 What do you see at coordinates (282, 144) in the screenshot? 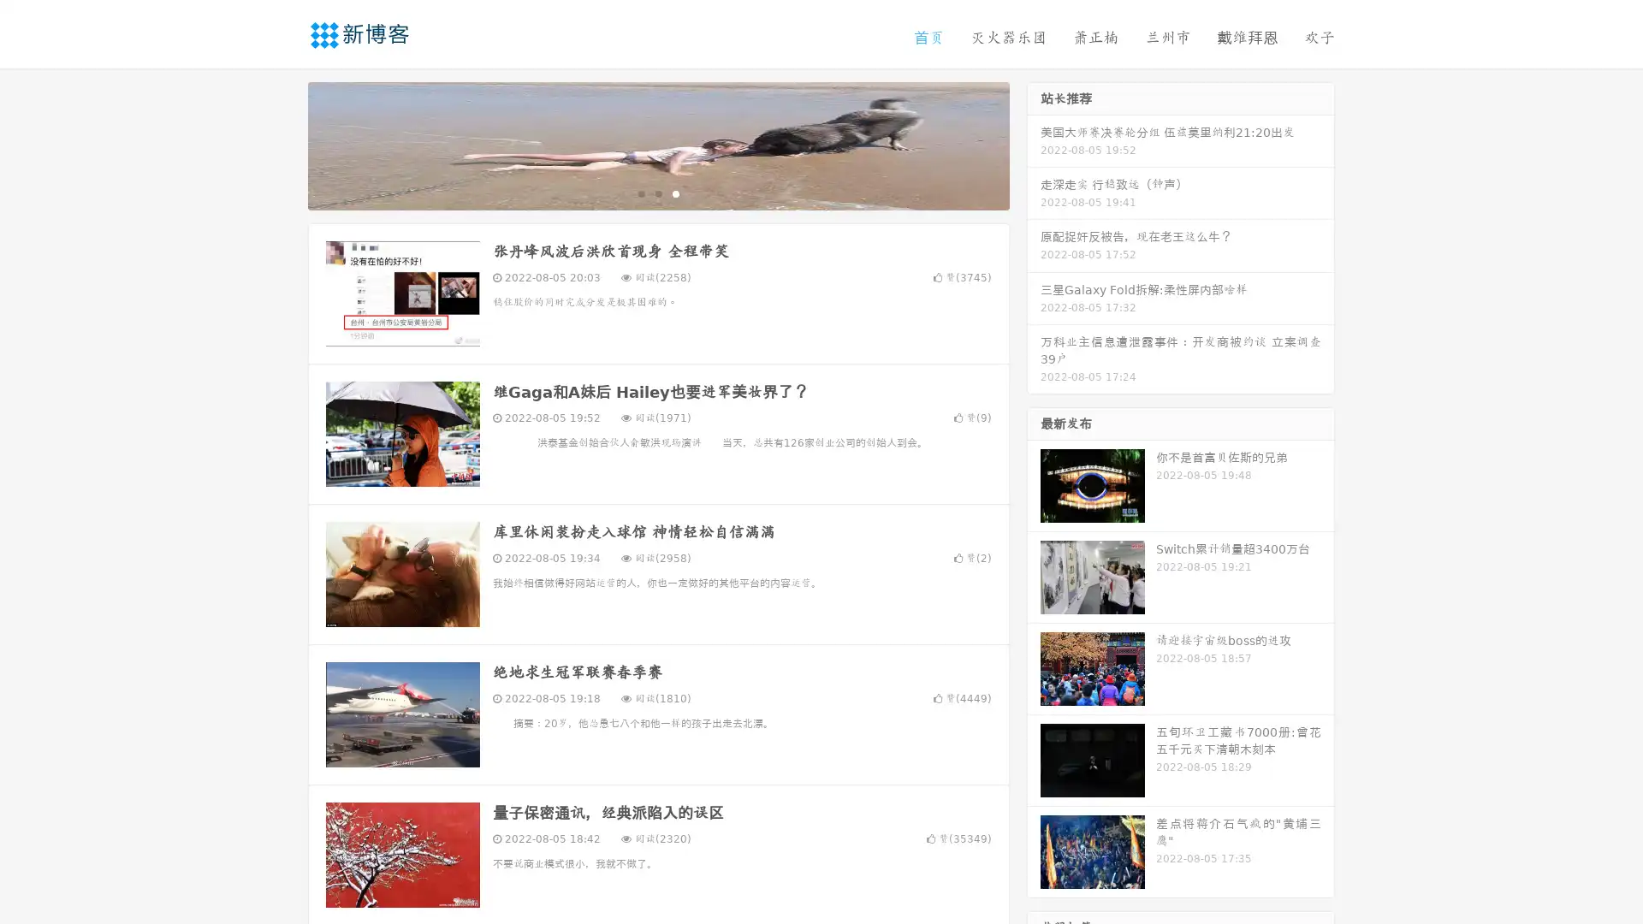
I see `Previous slide` at bounding box center [282, 144].